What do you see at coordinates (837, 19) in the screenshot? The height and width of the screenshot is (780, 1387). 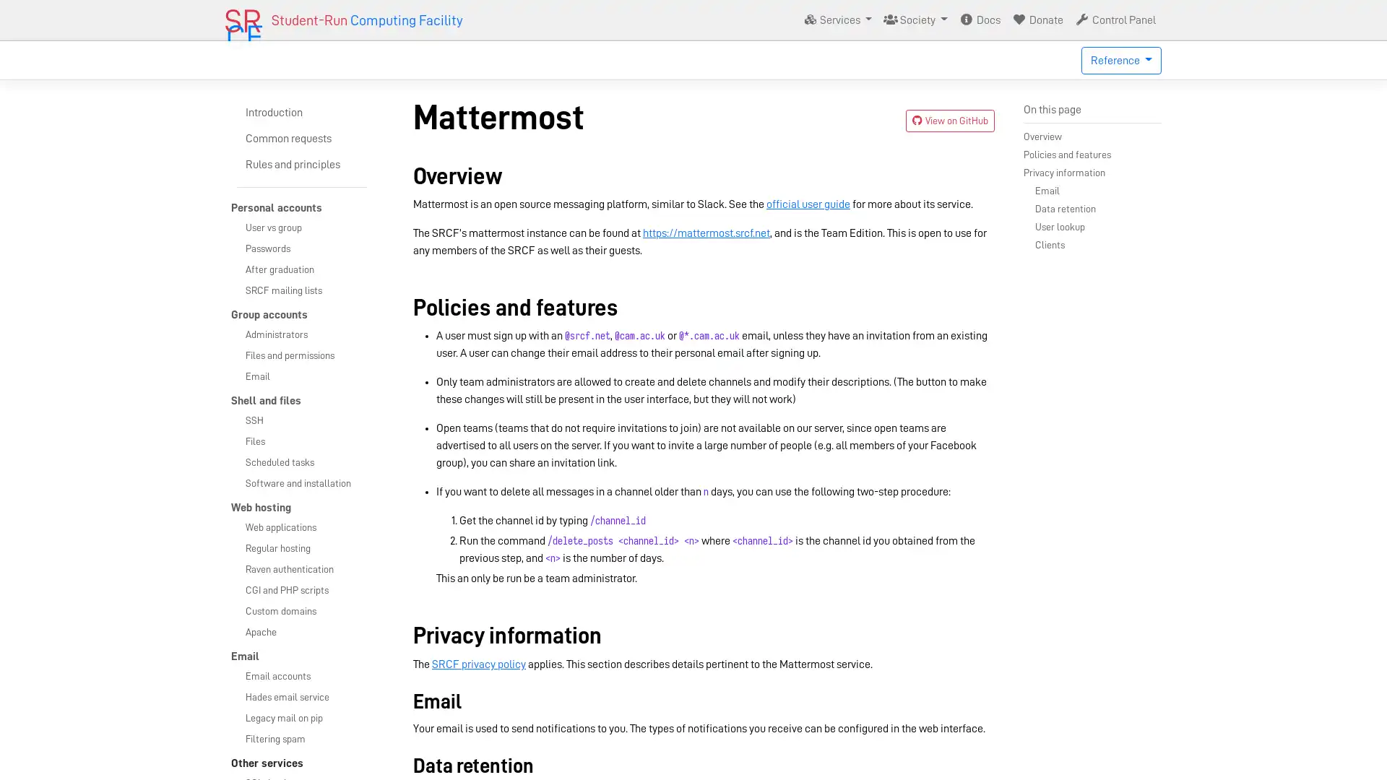 I see `Services` at bounding box center [837, 19].